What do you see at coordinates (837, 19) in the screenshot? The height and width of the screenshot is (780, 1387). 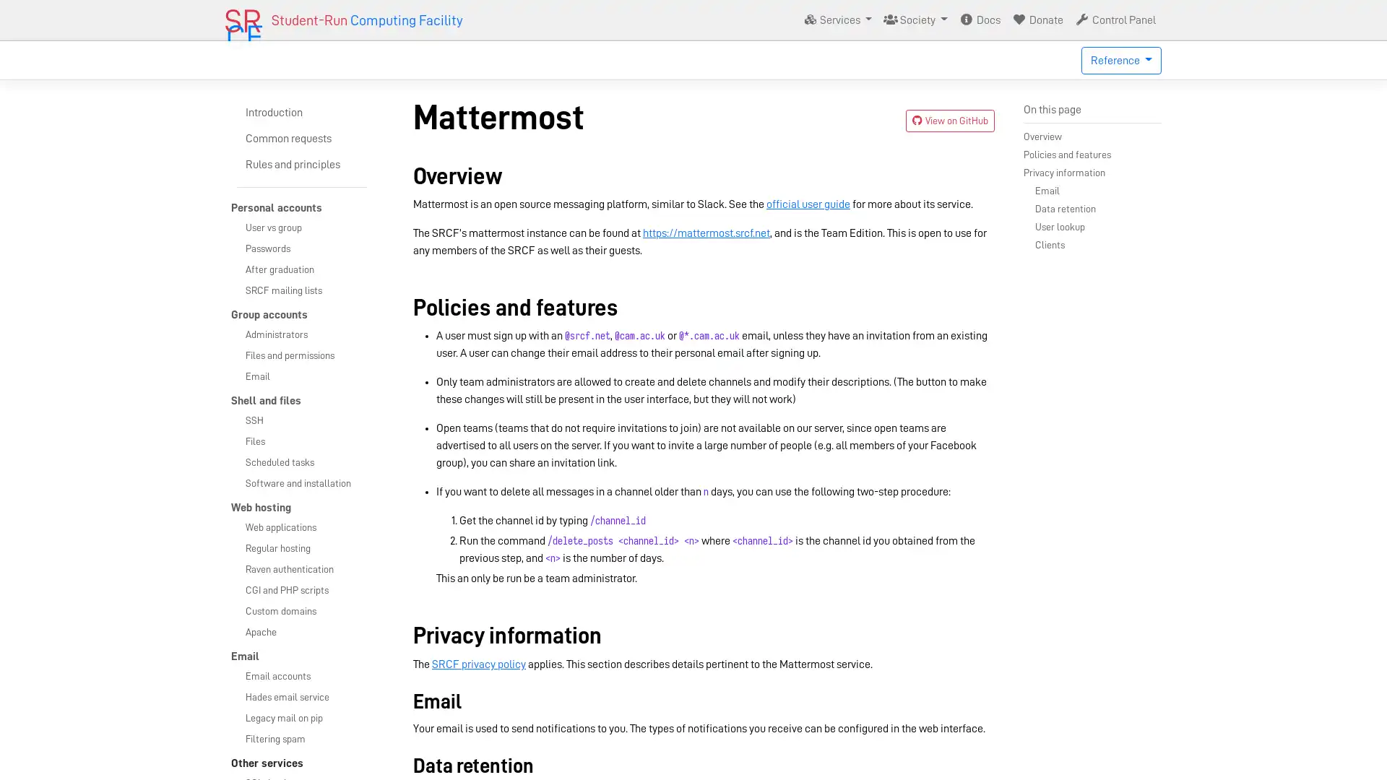 I see `Services` at bounding box center [837, 19].